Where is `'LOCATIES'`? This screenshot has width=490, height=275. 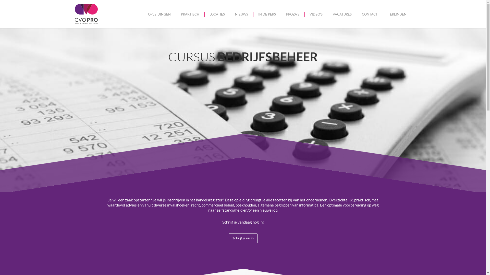
'LOCATIES' is located at coordinates (217, 13).